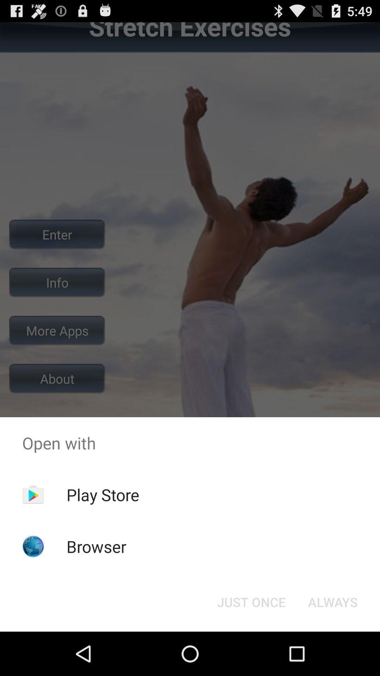  Describe the element at coordinates (332, 601) in the screenshot. I see `the icon to the right of the just once button` at that location.